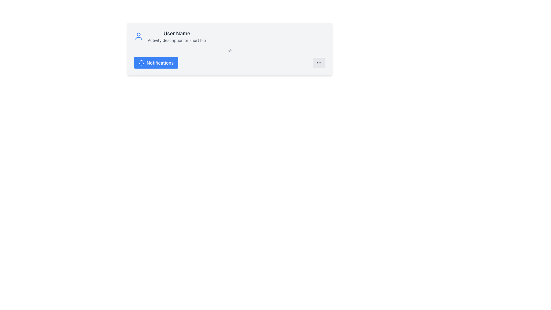 This screenshot has width=551, height=310. Describe the element at coordinates (176, 36) in the screenshot. I see `the Text Display element that shows the user's name and activity description, located beside a blue user icon` at that location.